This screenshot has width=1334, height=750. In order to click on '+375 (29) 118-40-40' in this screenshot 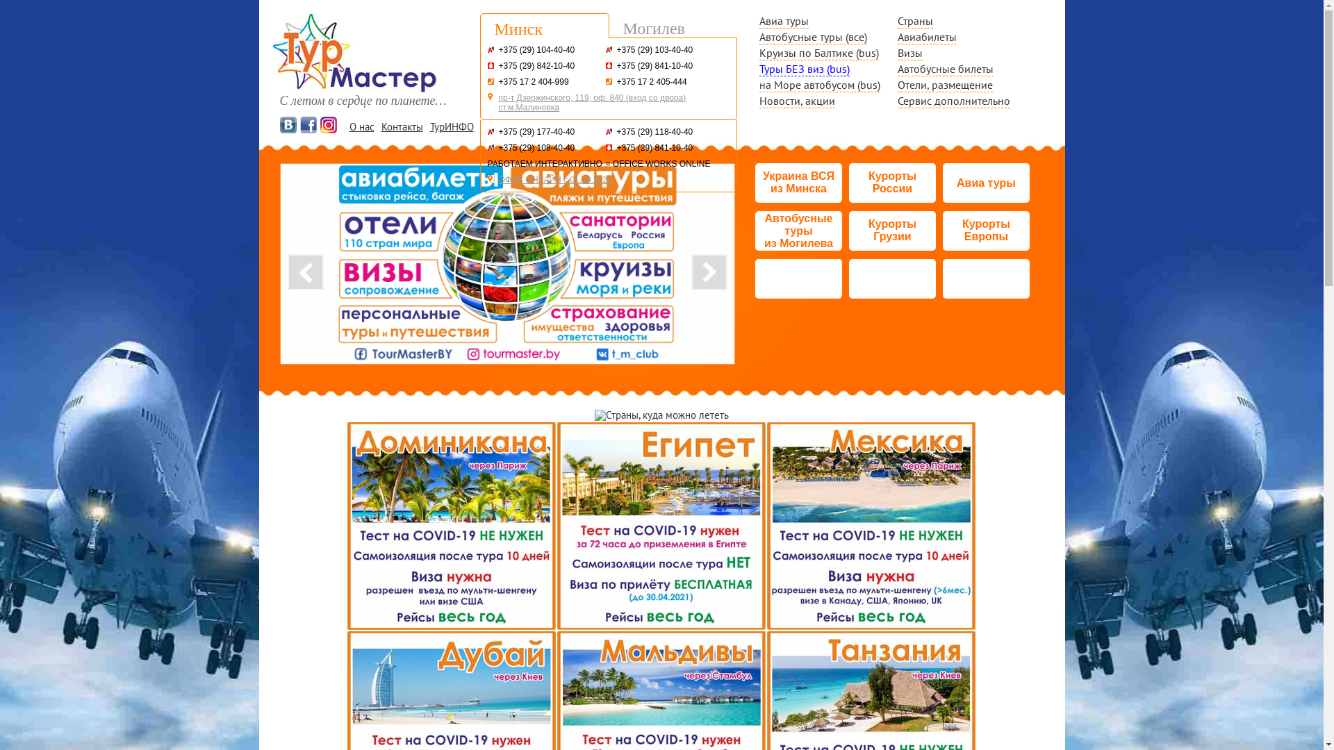, I will do `click(654, 131)`.